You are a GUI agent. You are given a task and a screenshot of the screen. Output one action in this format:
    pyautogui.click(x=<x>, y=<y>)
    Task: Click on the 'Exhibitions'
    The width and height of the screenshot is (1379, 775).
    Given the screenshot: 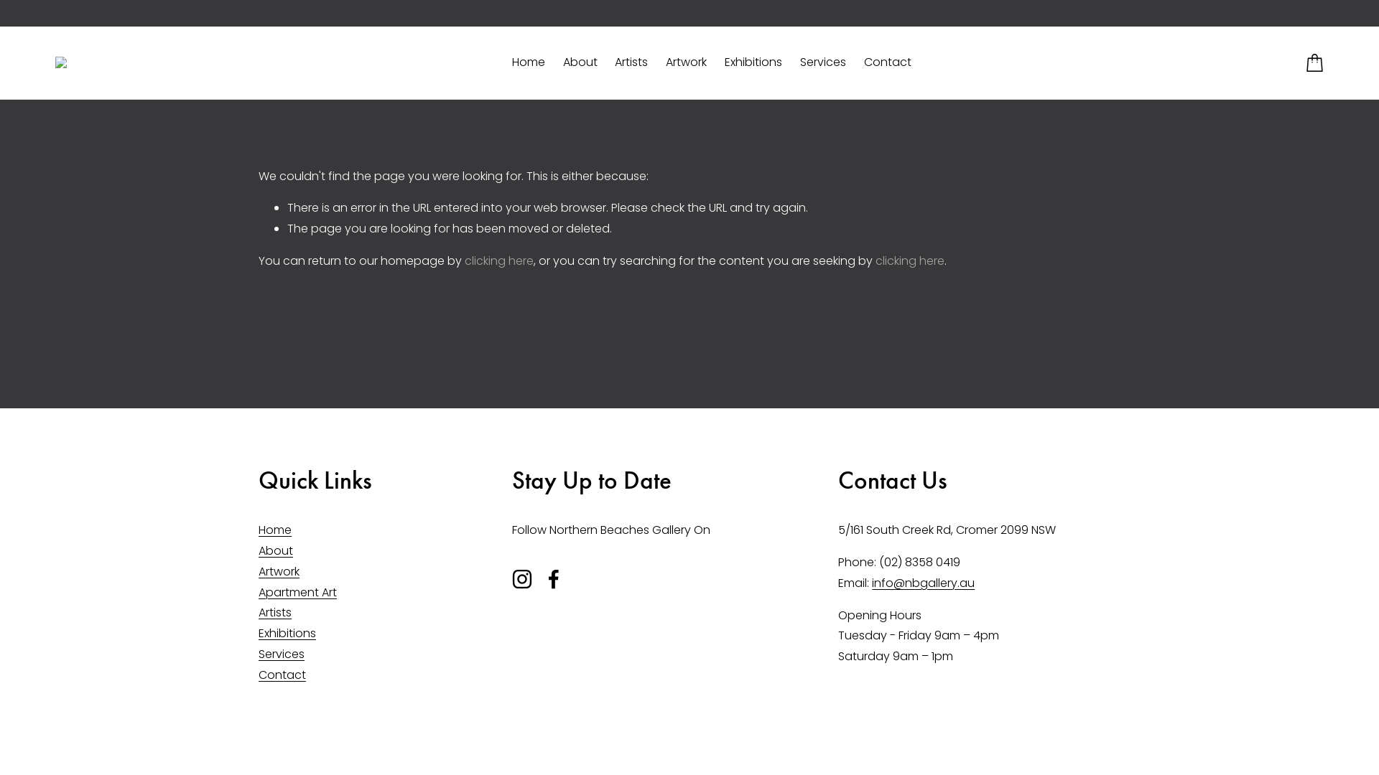 What is the action you would take?
    pyautogui.click(x=753, y=62)
    